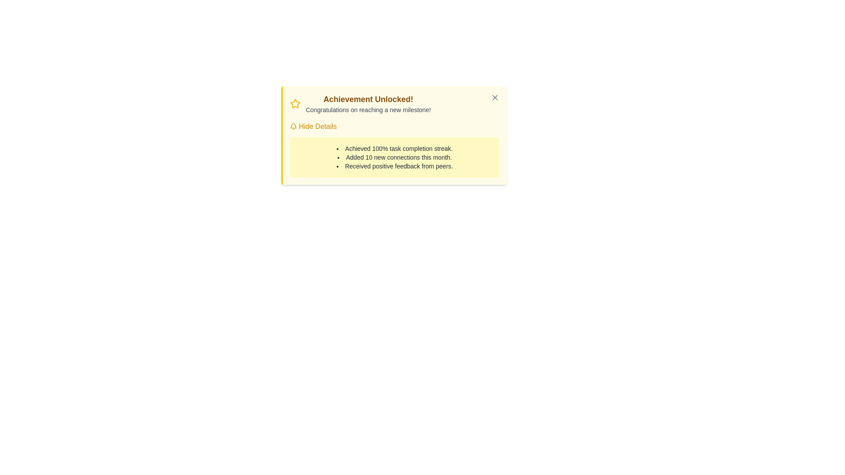 The width and height of the screenshot is (845, 475). I want to click on the close button icon in the top-right corner of the 'Achievement Unlocked!' notification box, so click(495, 98).